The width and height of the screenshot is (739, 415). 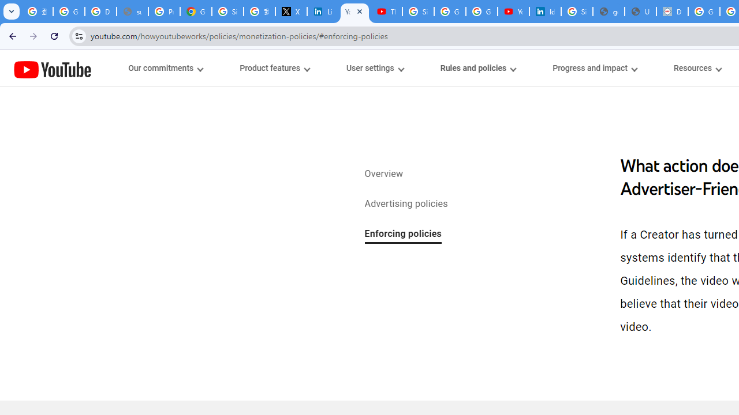 What do you see at coordinates (274, 68) in the screenshot?
I see `'Product features menupopup'` at bounding box center [274, 68].